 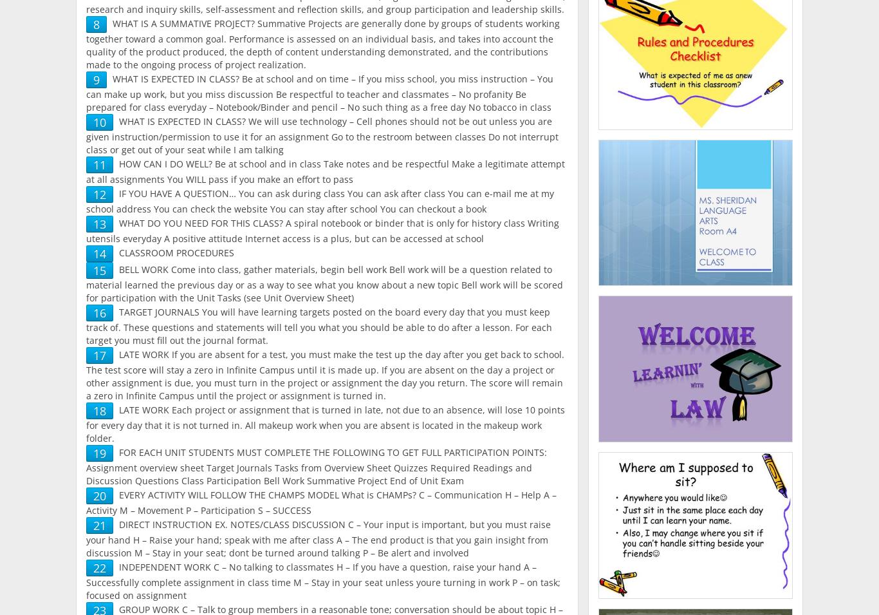 What do you see at coordinates (92, 122) in the screenshot?
I see `'10'` at bounding box center [92, 122].